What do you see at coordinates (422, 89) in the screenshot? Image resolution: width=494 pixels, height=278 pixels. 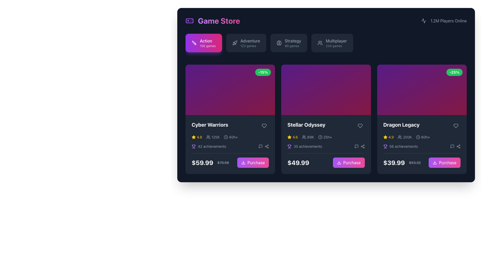 I see `the play button located in the 'Dragon Legacy' section, which is centered in the top purple area of the third card from the left, near the -25% discount tag` at bounding box center [422, 89].